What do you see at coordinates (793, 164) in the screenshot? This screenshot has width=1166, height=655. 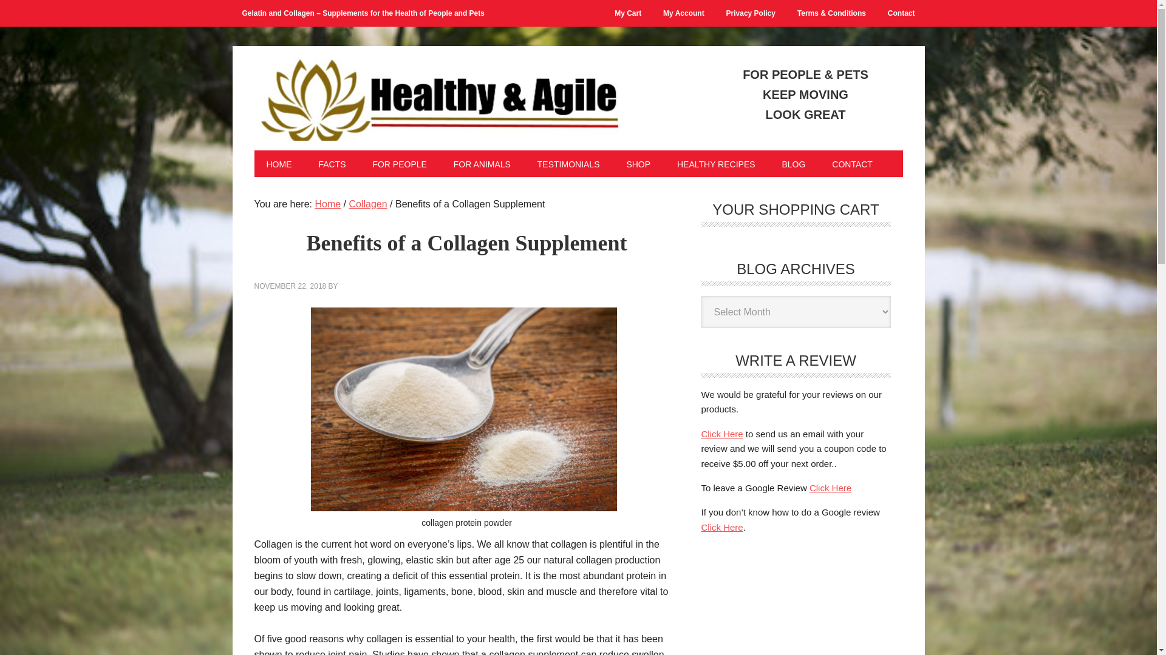 I see `'BLOG'` at bounding box center [793, 164].